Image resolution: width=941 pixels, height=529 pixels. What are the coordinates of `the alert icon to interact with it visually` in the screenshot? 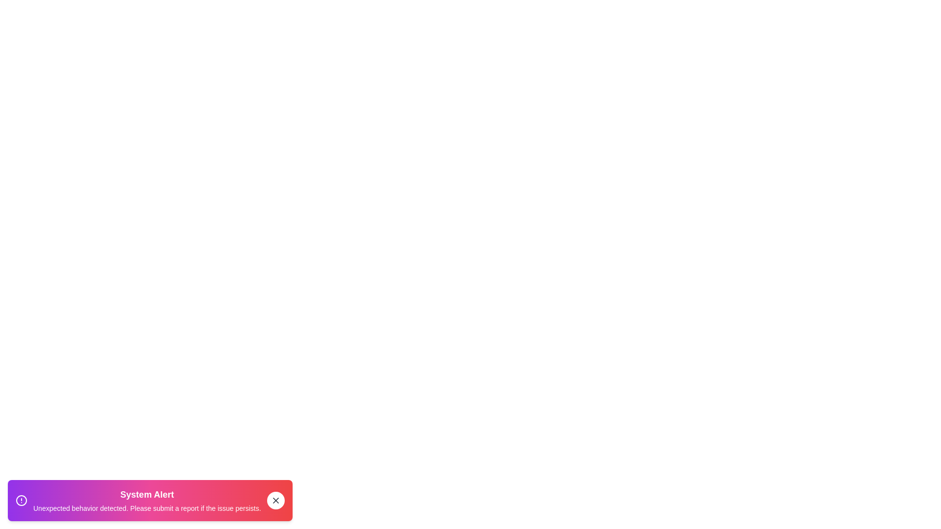 It's located at (21, 501).